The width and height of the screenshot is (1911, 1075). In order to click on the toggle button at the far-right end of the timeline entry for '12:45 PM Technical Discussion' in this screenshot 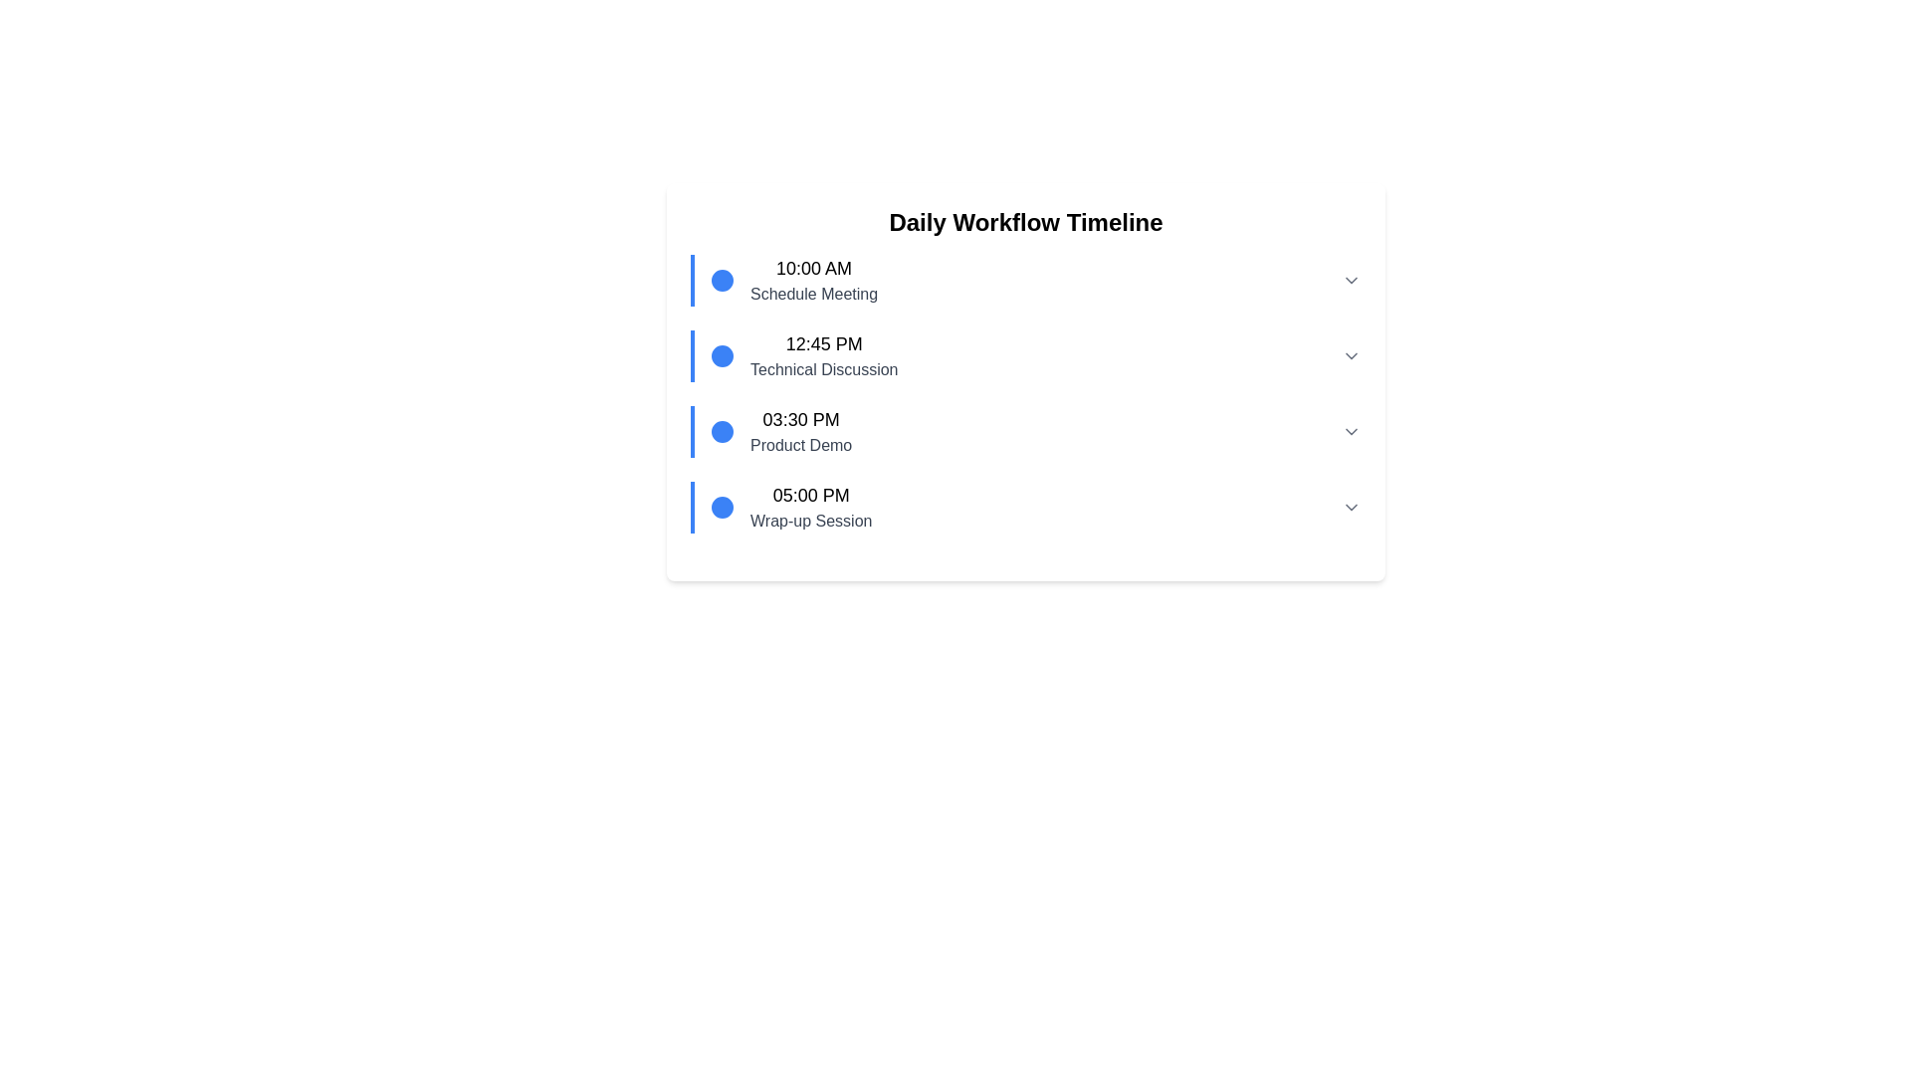, I will do `click(1352, 355)`.